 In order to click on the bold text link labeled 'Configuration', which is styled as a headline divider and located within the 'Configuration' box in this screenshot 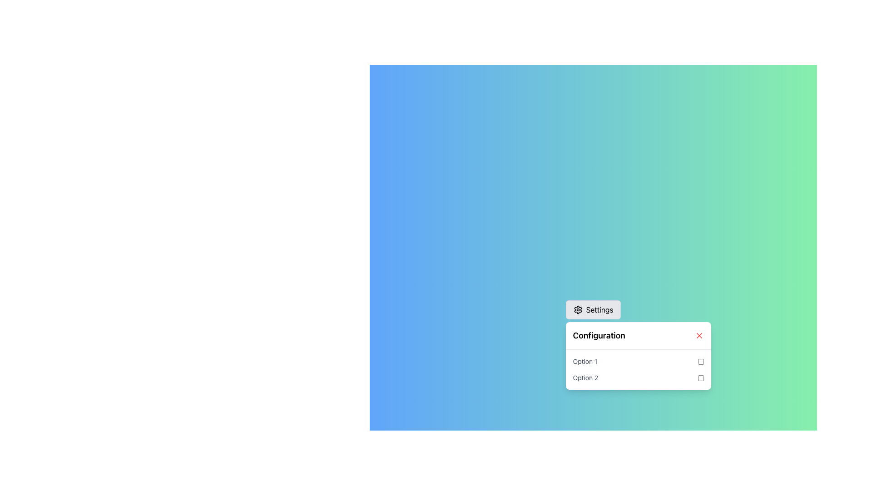, I will do `click(599, 336)`.